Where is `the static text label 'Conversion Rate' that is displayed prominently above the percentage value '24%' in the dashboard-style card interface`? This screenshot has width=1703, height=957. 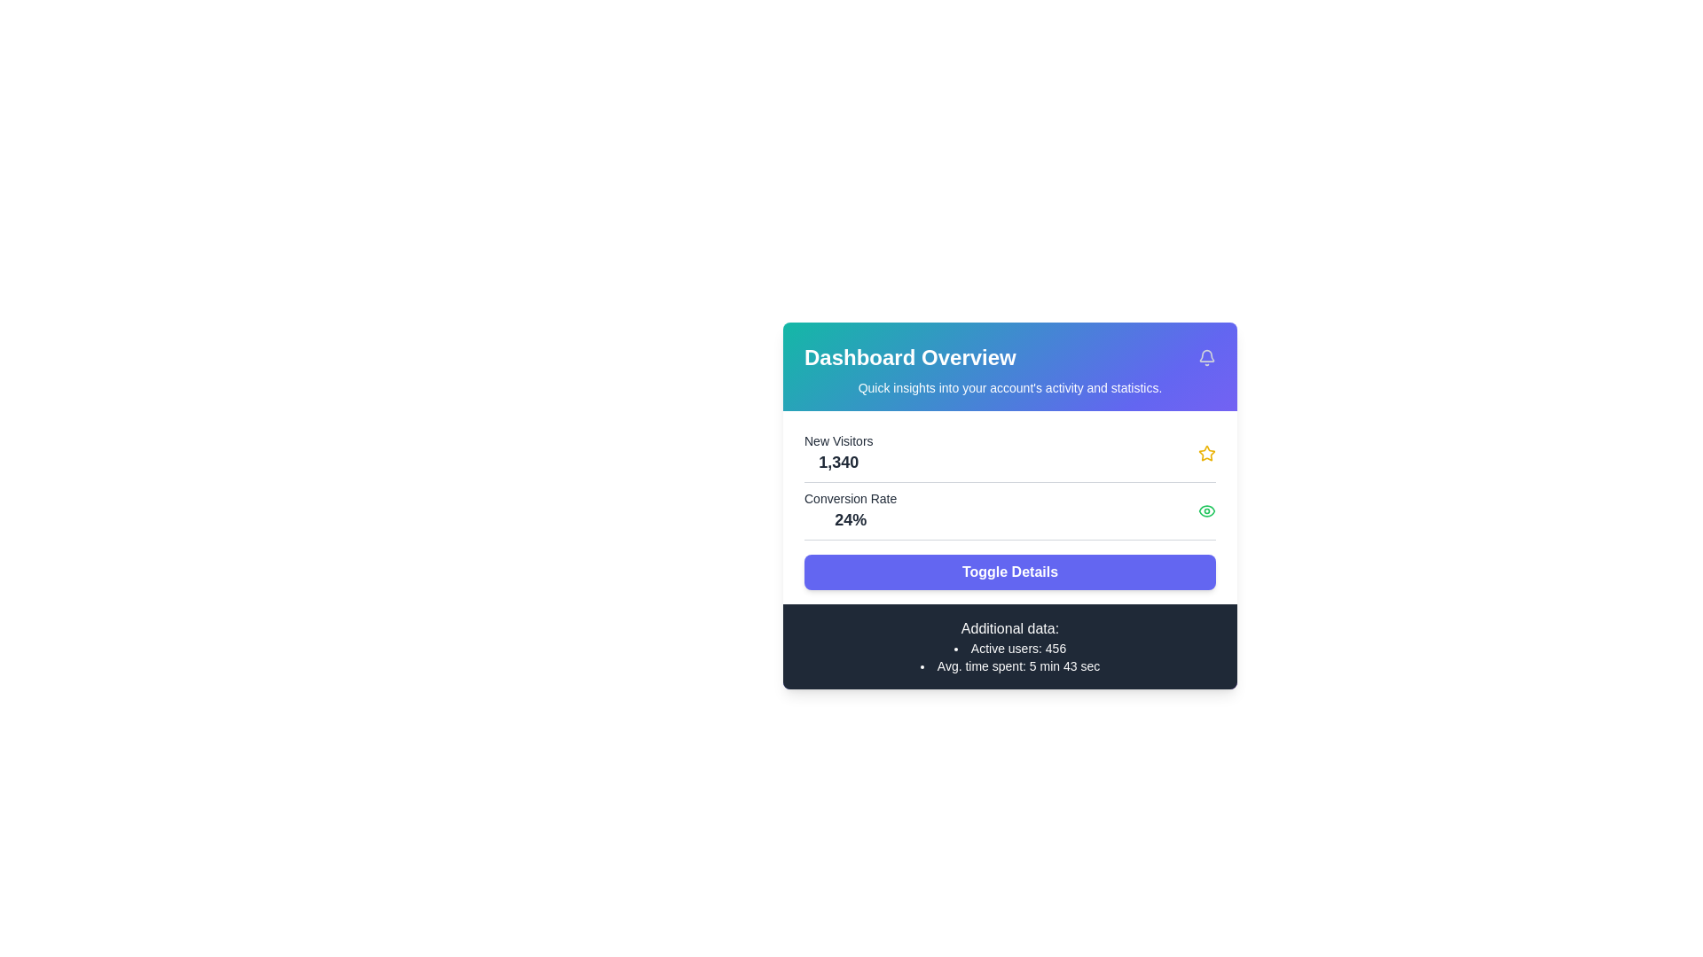 the static text label 'Conversion Rate' that is displayed prominently above the percentage value '24%' in the dashboard-style card interface is located at coordinates (850, 499).